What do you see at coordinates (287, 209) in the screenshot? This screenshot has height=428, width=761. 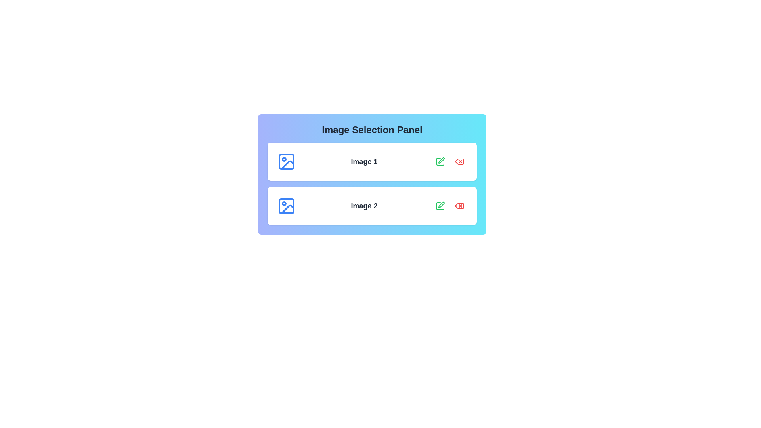 I see `the blue icon depicting a stylized image representation with a slanted line, located in the left section of the second image entry in a vertical list marked 'Image 2'` at bounding box center [287, 209].